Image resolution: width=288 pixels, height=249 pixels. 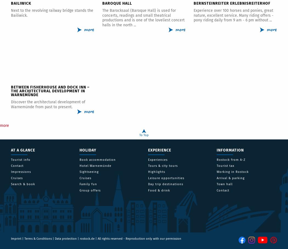 I want to click on 'Tourist tax', so click(x=225, y=166).